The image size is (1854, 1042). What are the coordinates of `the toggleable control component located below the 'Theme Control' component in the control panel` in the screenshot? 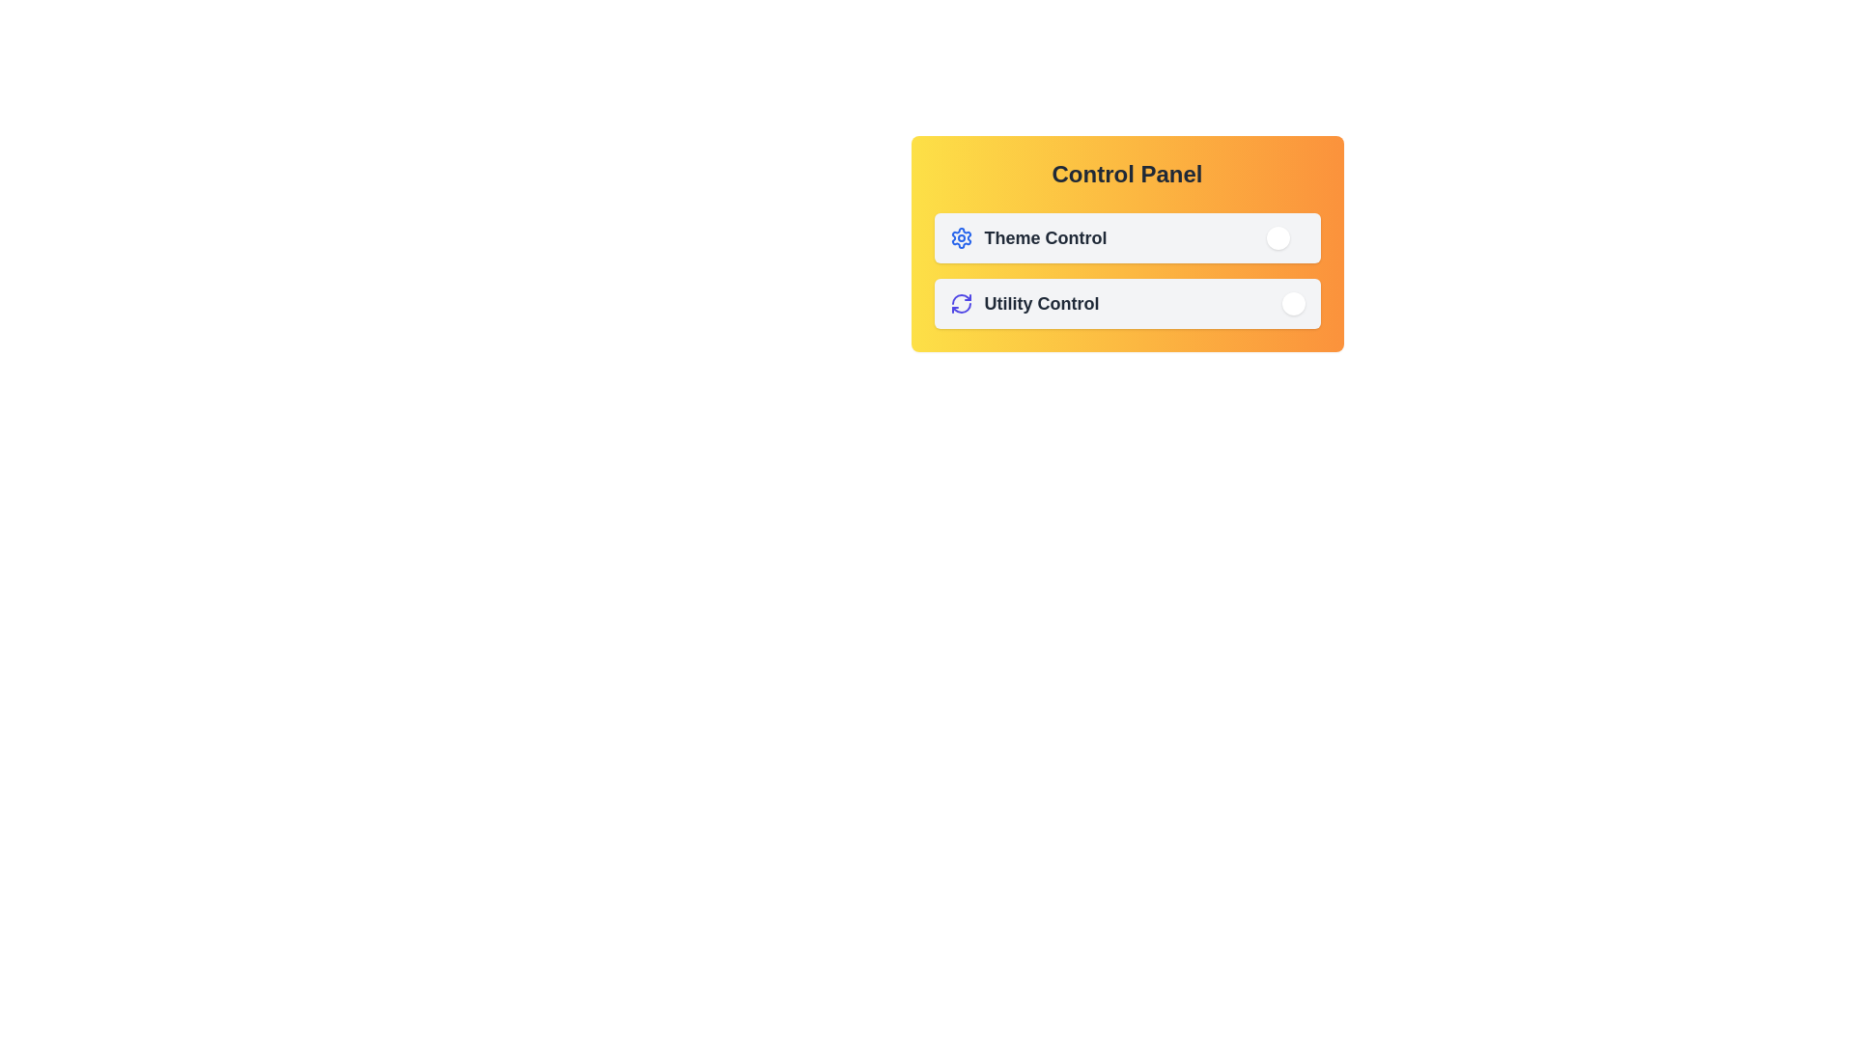 It's located at (1127, 304).